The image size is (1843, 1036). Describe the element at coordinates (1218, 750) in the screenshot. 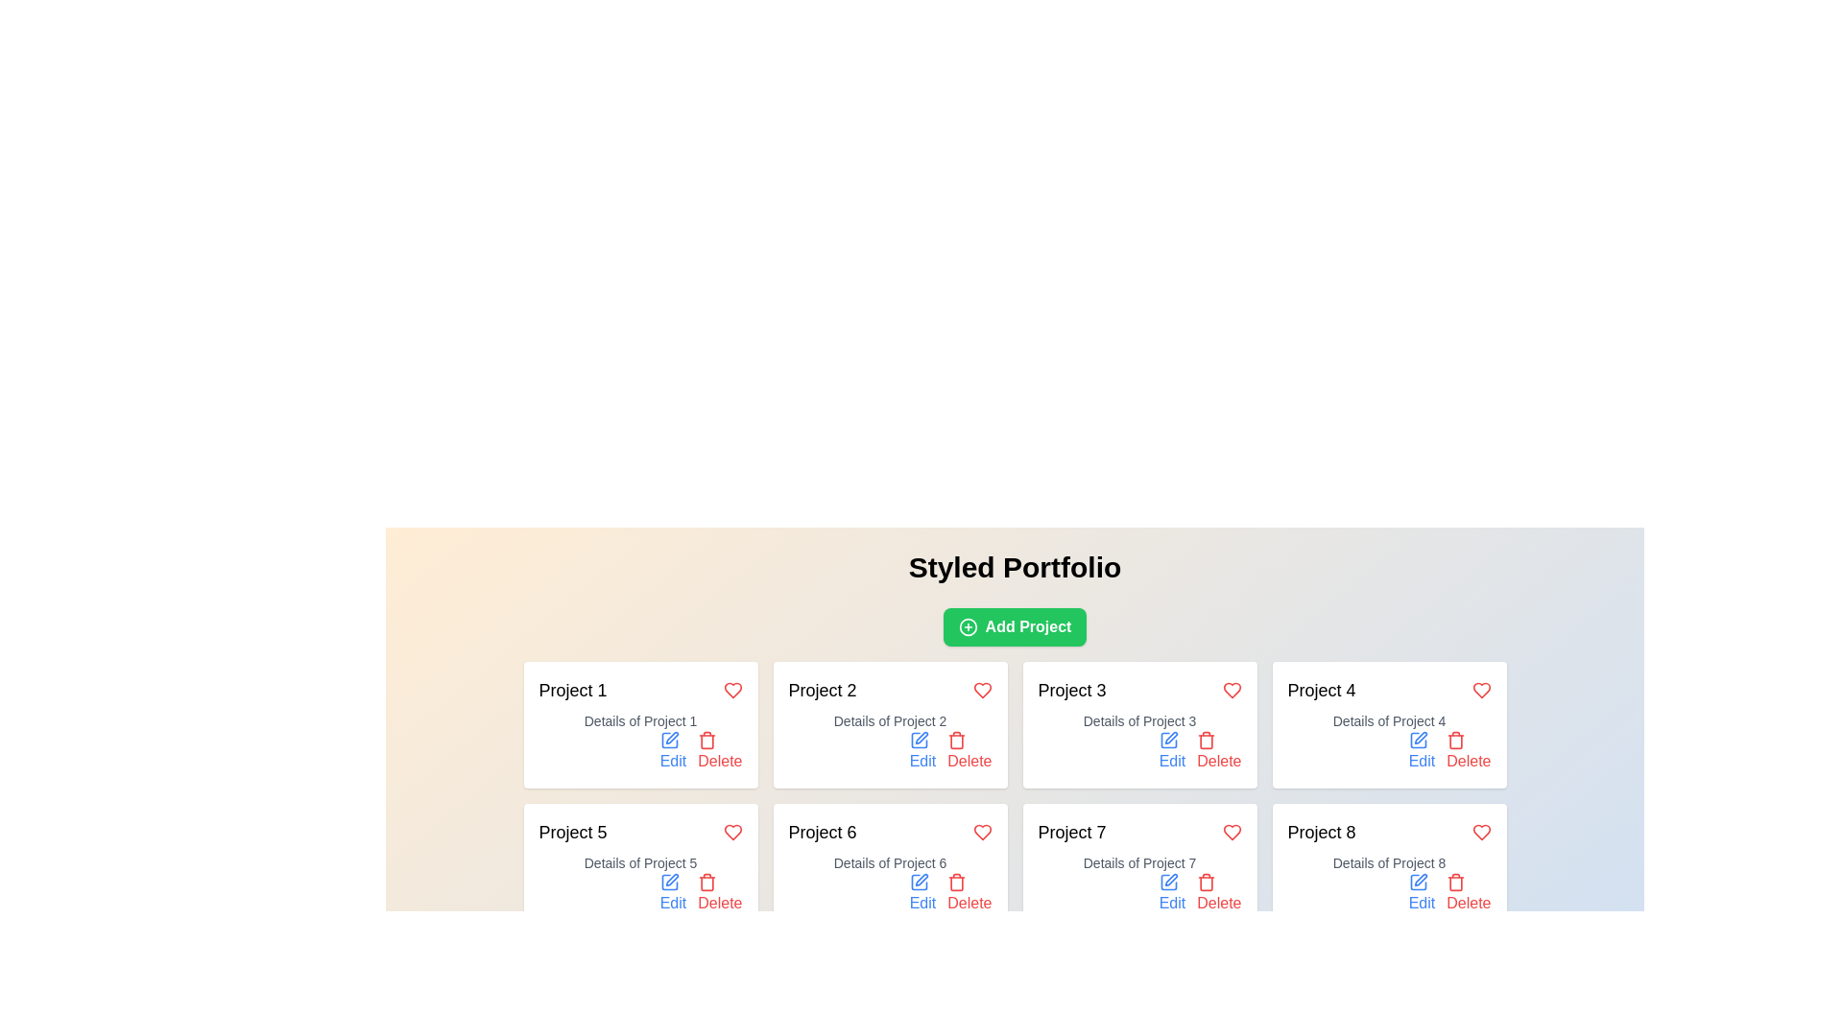

I see `the delete button located in the bottom-right corner of the 'Project 3' card` at that location.